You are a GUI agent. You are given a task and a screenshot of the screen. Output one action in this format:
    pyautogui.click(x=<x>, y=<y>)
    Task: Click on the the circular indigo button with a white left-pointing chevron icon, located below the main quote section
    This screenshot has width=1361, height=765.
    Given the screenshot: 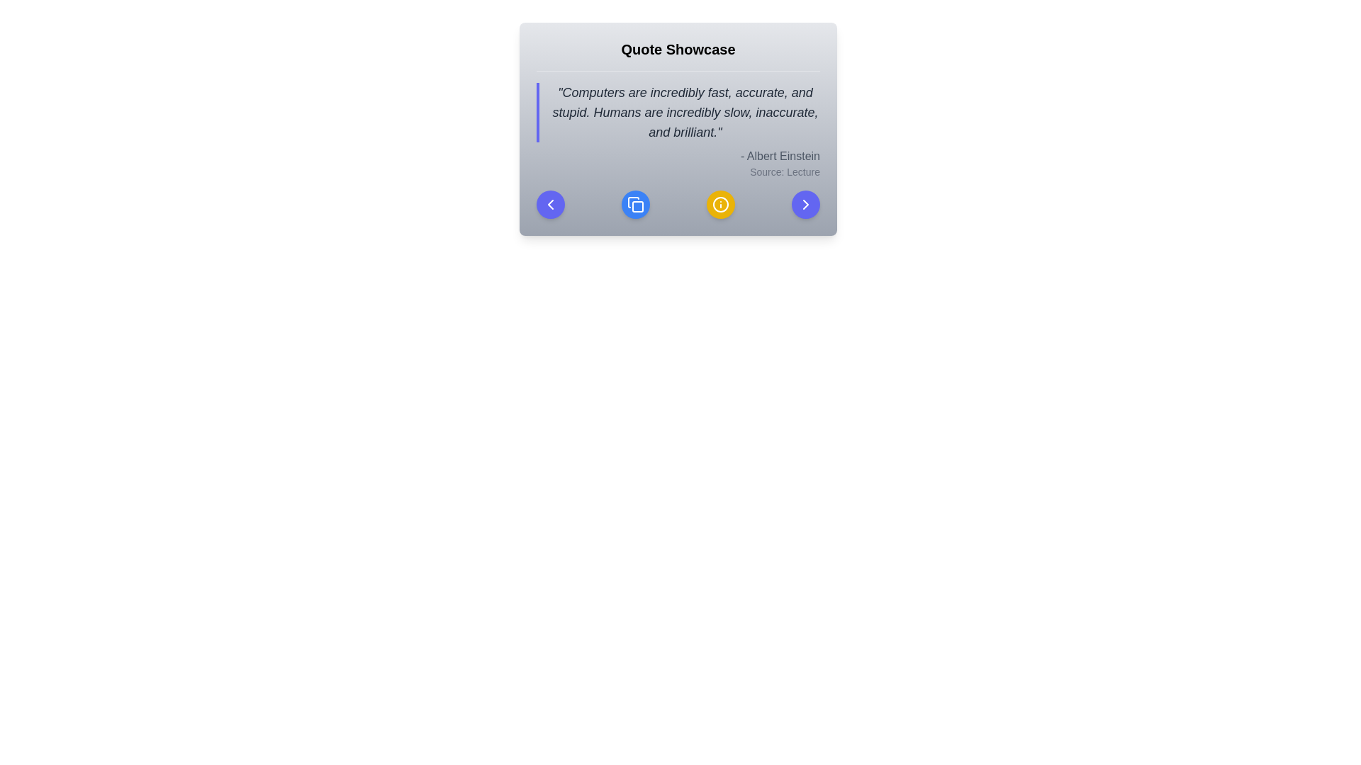 What is the action you would take?
    pyautogui.click(x=550, y=205)
    